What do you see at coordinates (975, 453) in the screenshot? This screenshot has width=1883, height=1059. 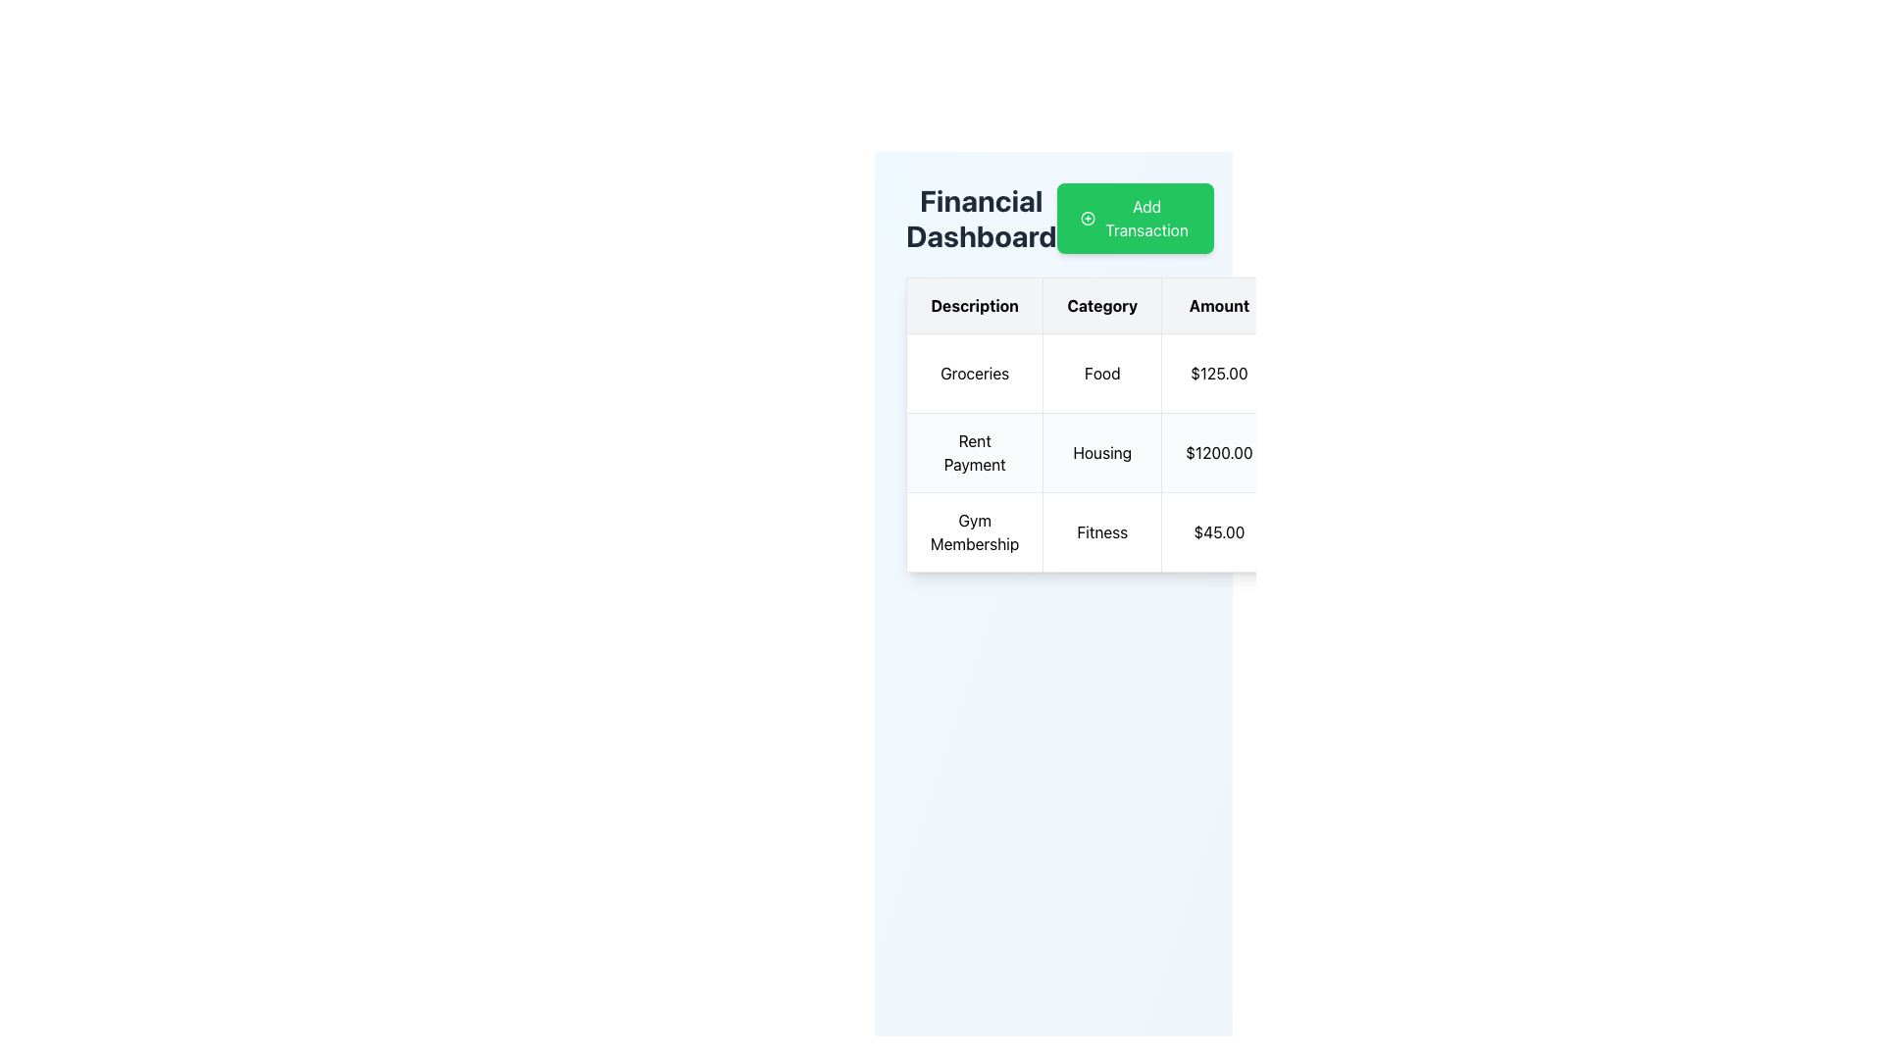 I see `information displayed in the text label that says 'Rent Payment', which is the first cell in the second row of the table under the Description column` at bounding box center [975, 453].